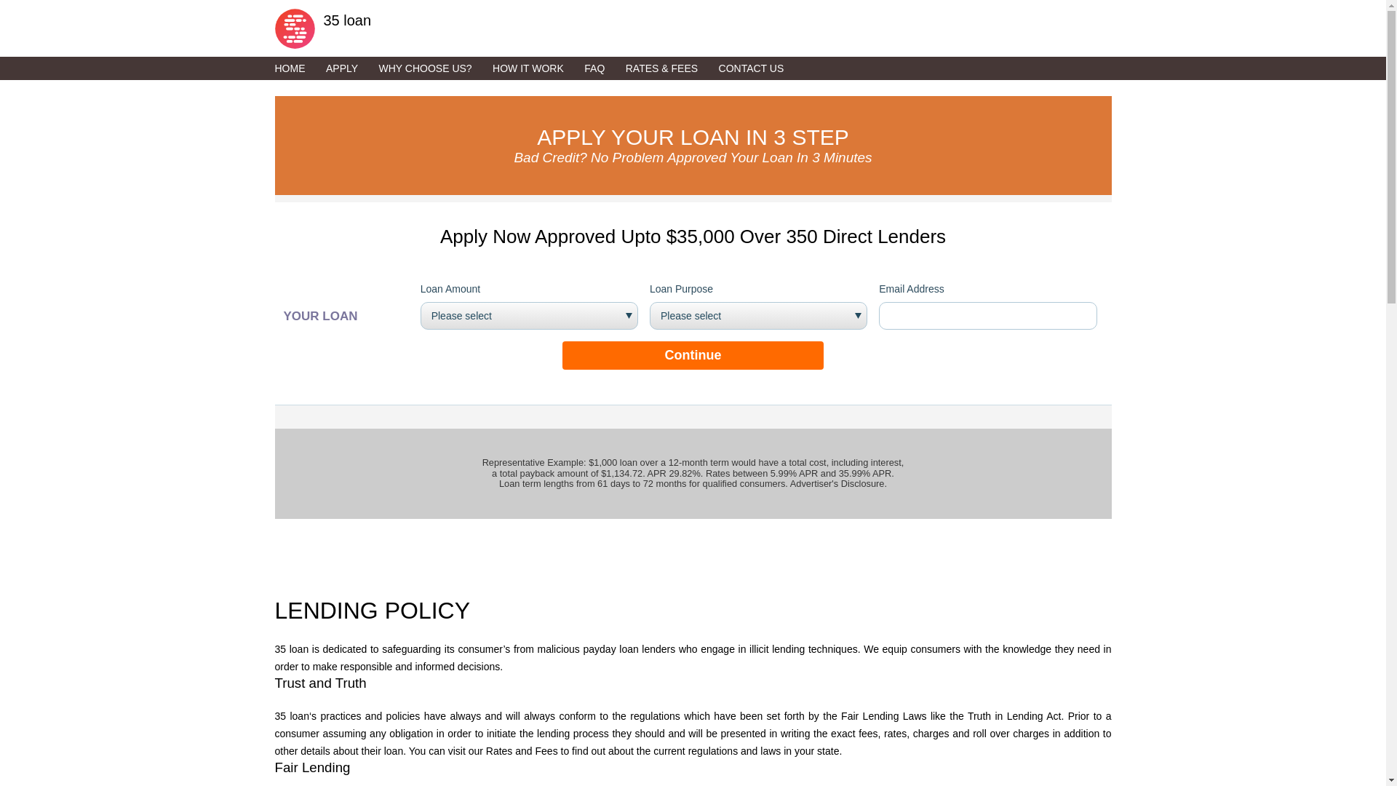 The width and height of the screenshot is (1397, 786). What do you see at coordinates (298, 68) in the screenshot?
I see `'HOME'` at bounding box center [298, 68].